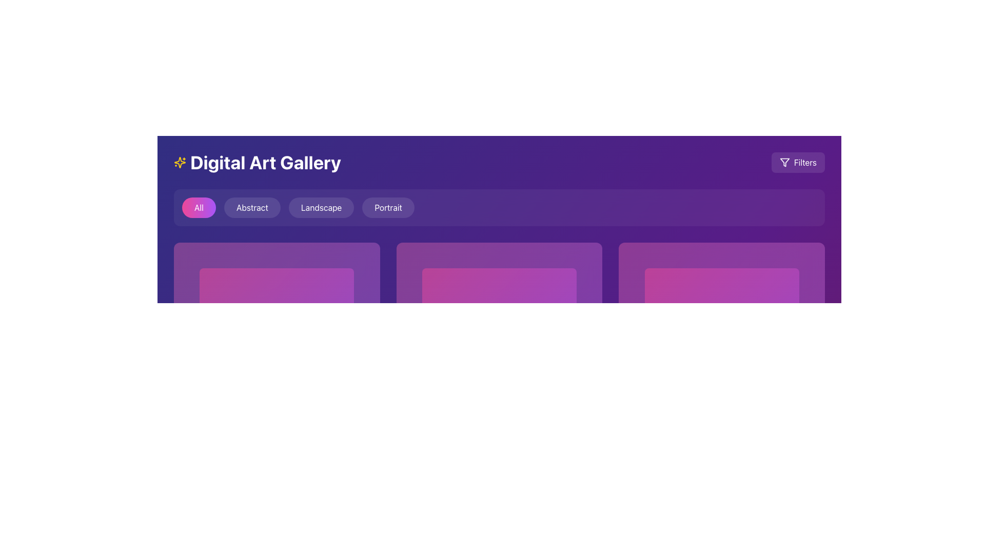 The width and height of the screenshot is (985, 554). What do you see at coordinates (180, 162) in the screenshot?
I see `the decorative star-like SVG graphic located` at bounding box center [180, 162].